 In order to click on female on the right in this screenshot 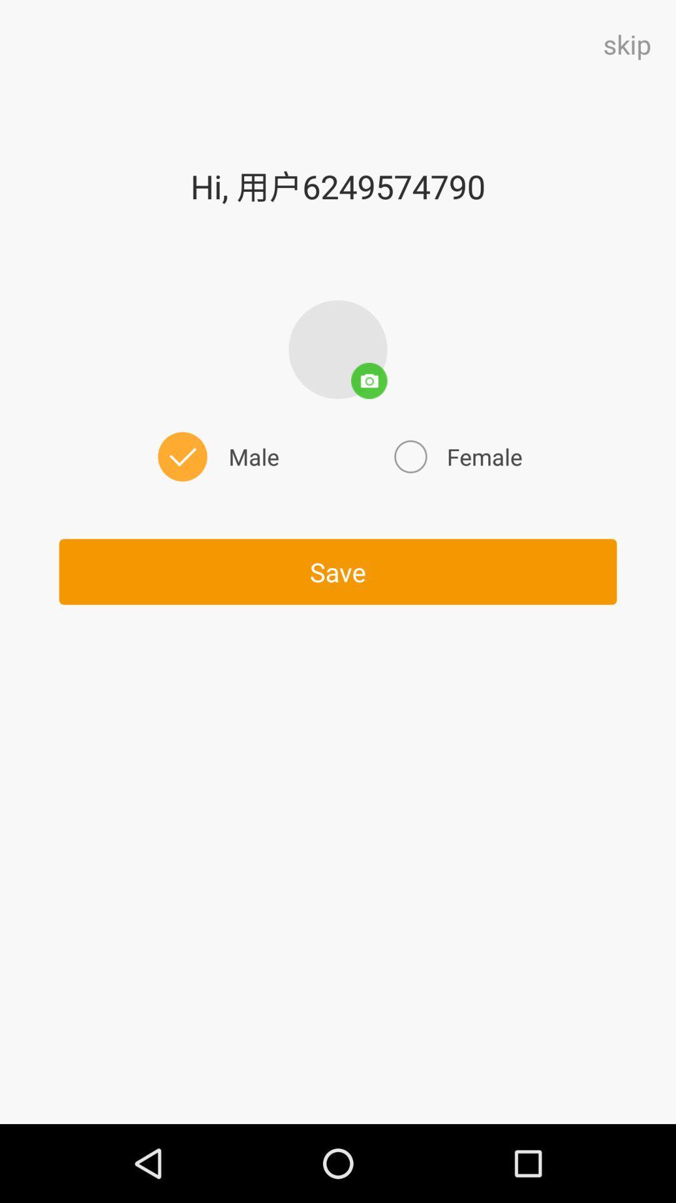, I will do `click(456, 456)`.